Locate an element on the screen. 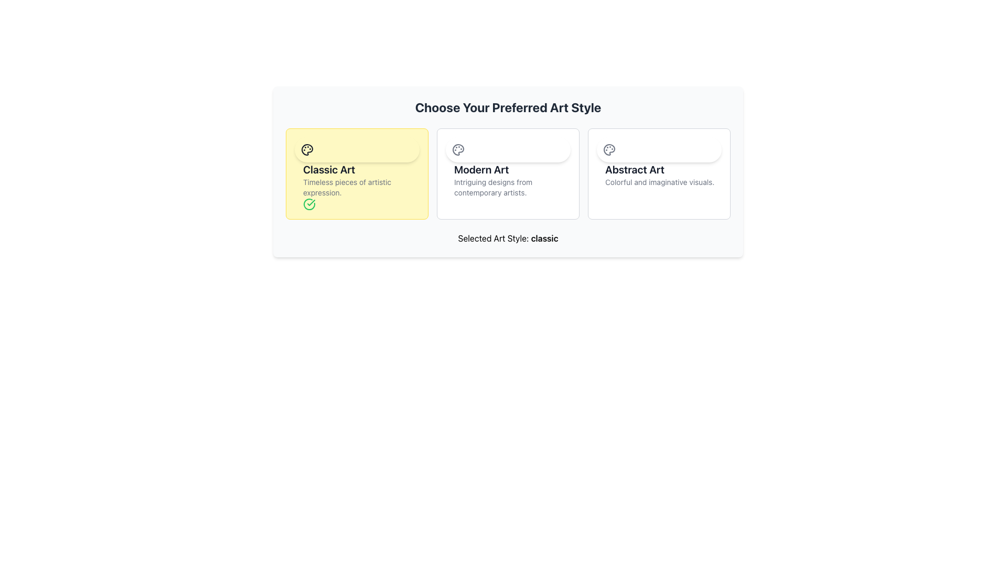  the painter's palette icon located in the 'Modern Art' option of the selection row, which is characterized by its round shape and gray color is located at coordinates (458, 149).